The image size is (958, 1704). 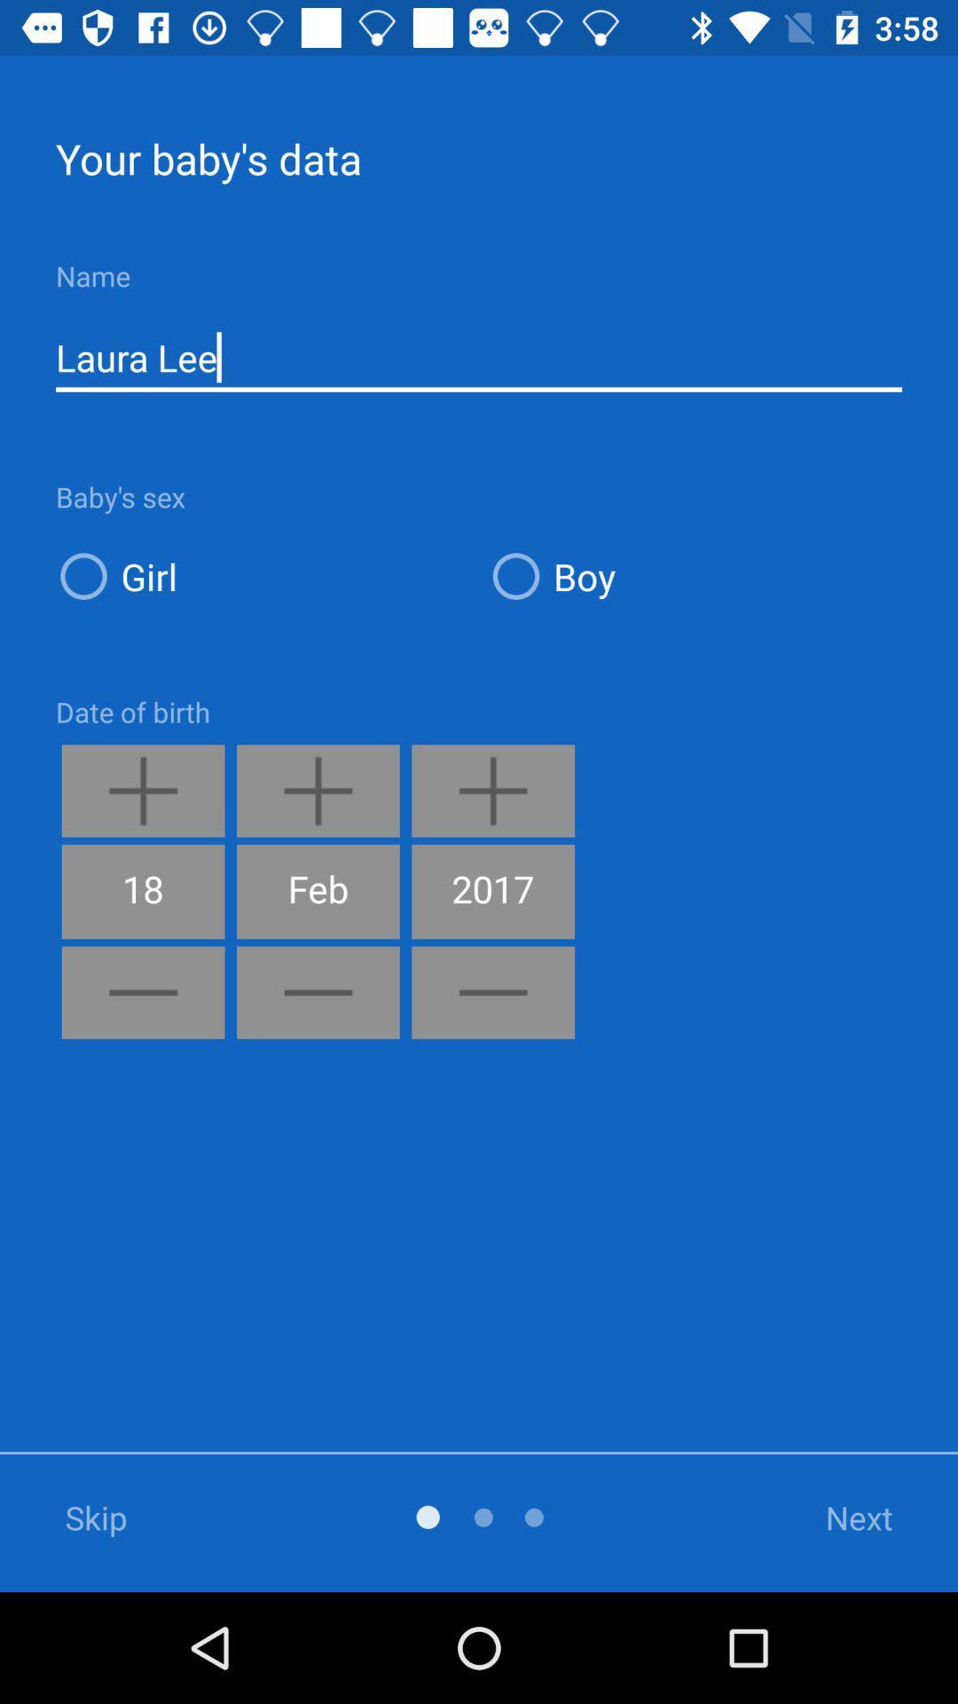 What do you see at coordinates (317, 891) in the screenshot?
I see `feb` at bounding box center [317, 891].